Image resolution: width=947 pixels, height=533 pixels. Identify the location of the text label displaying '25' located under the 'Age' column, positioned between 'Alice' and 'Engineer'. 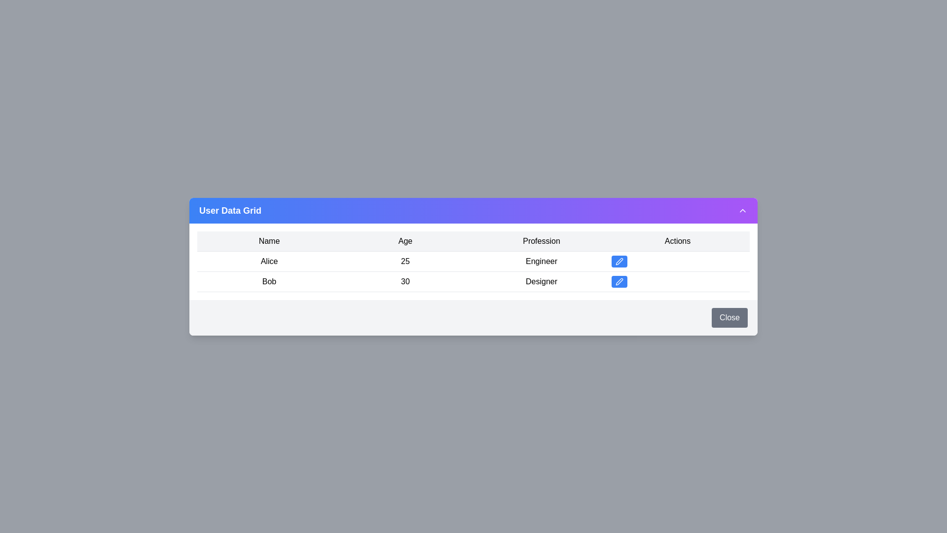
(405, 260).